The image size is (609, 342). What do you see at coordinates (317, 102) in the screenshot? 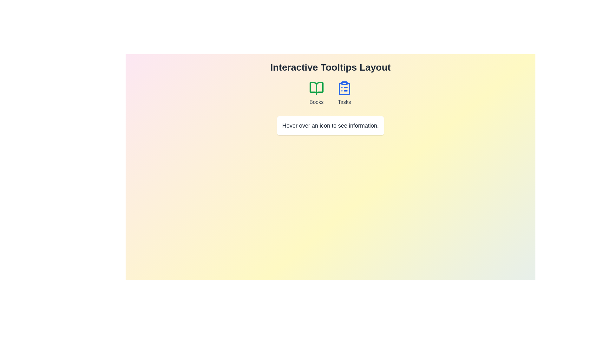
I see `the Text label that describes the 'Books' icon, which is positioned directly below the open book icon with a green outline` at bounding box center [317, 102].